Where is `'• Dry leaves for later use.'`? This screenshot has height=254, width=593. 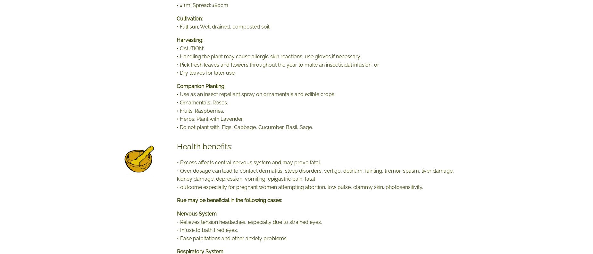
'• Dry leaves for later use.' is located at coordinates (206, 73).